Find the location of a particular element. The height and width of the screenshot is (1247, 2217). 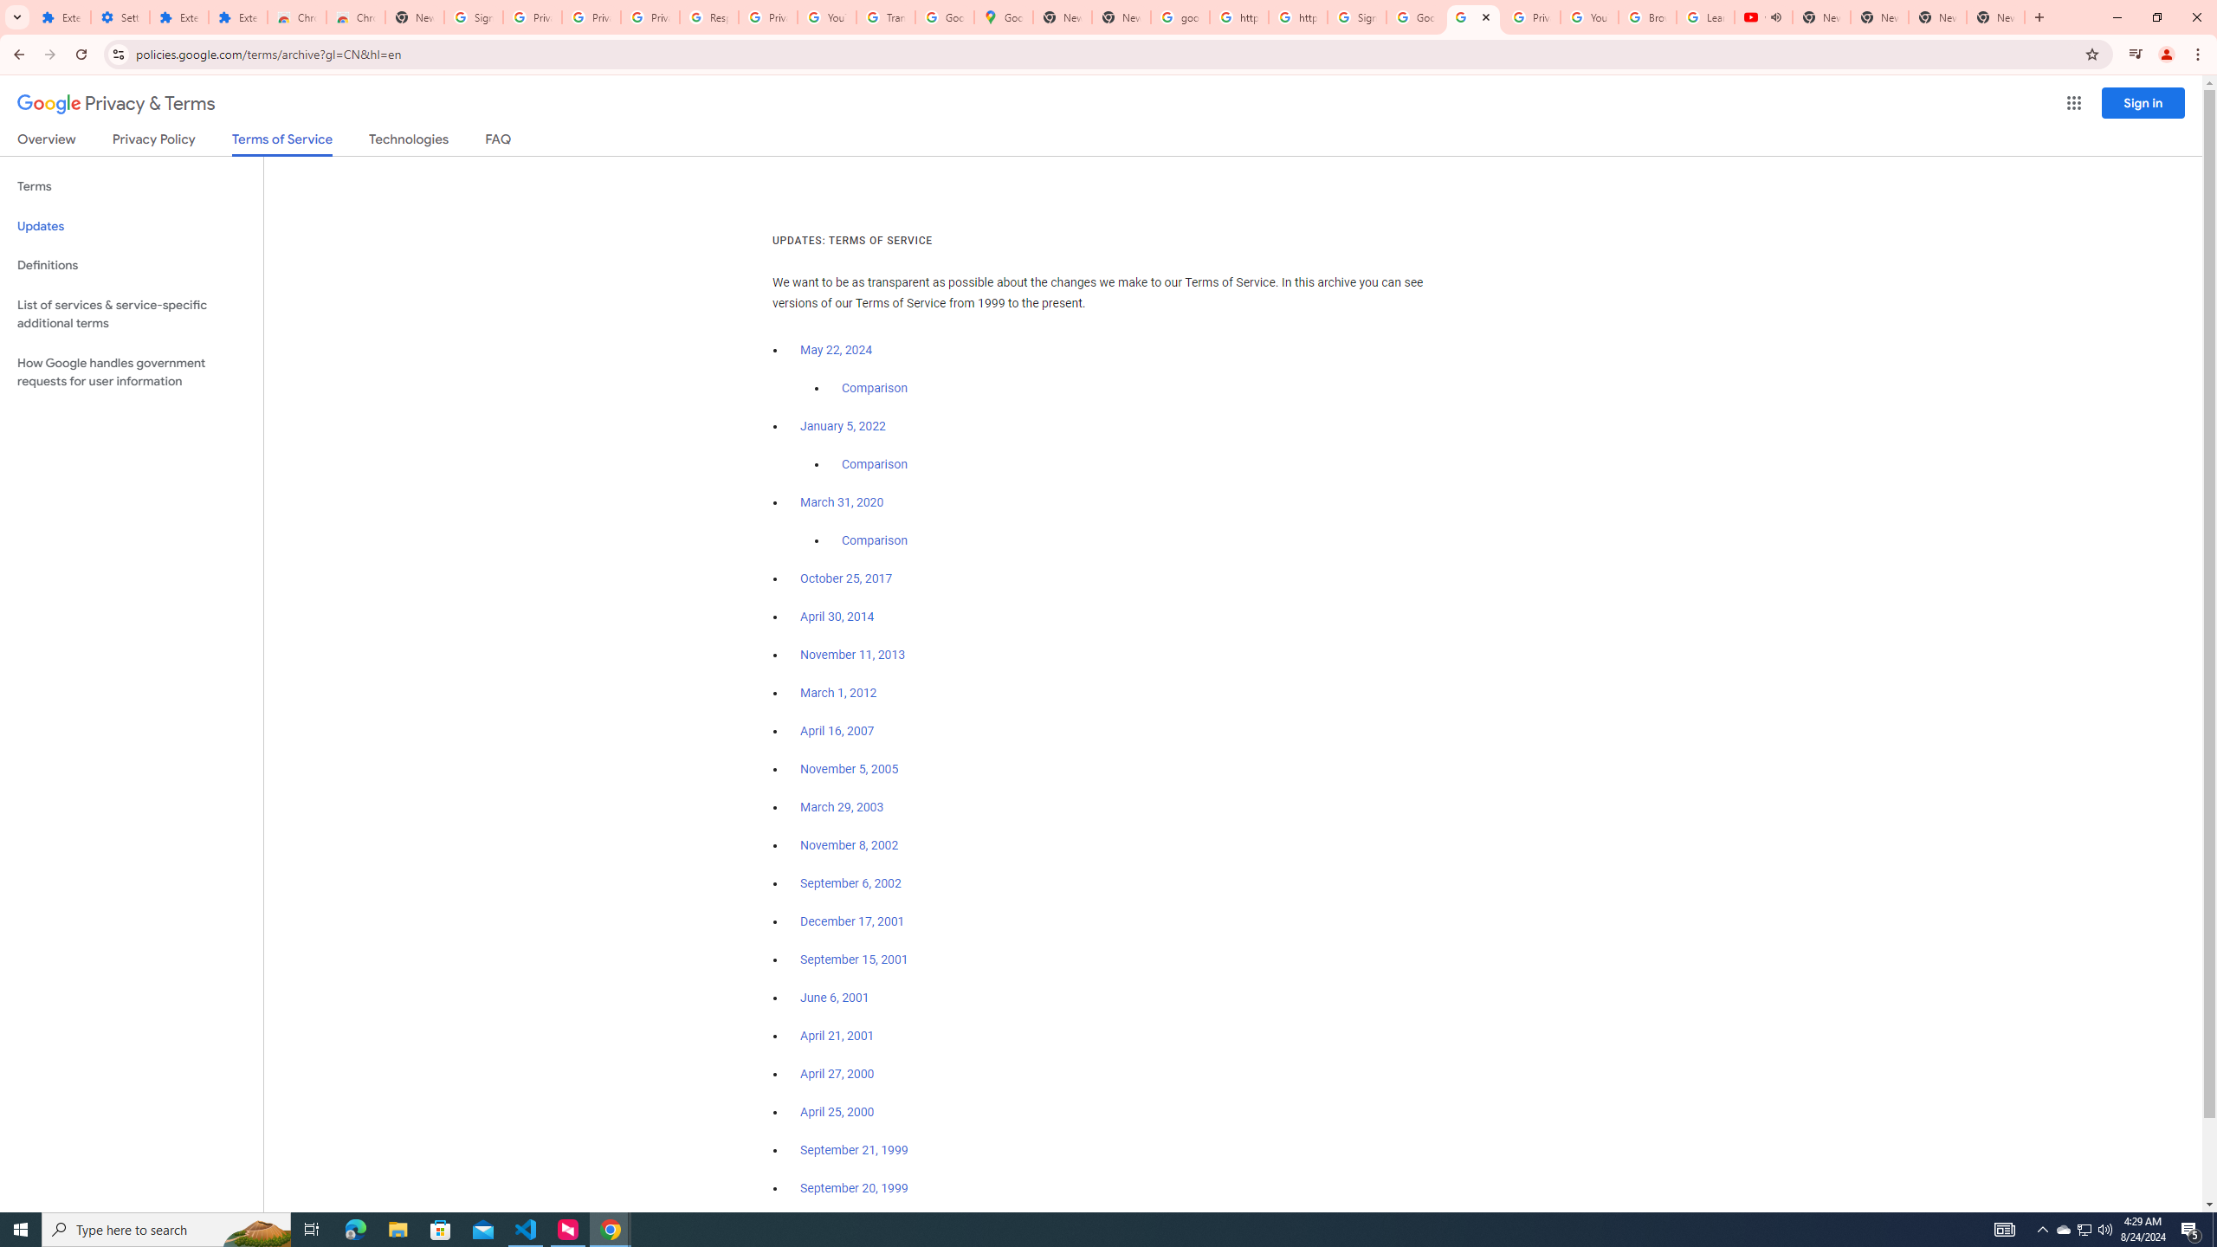

'Chrome Web Store - Themes' is located at coordinates (354, 16).